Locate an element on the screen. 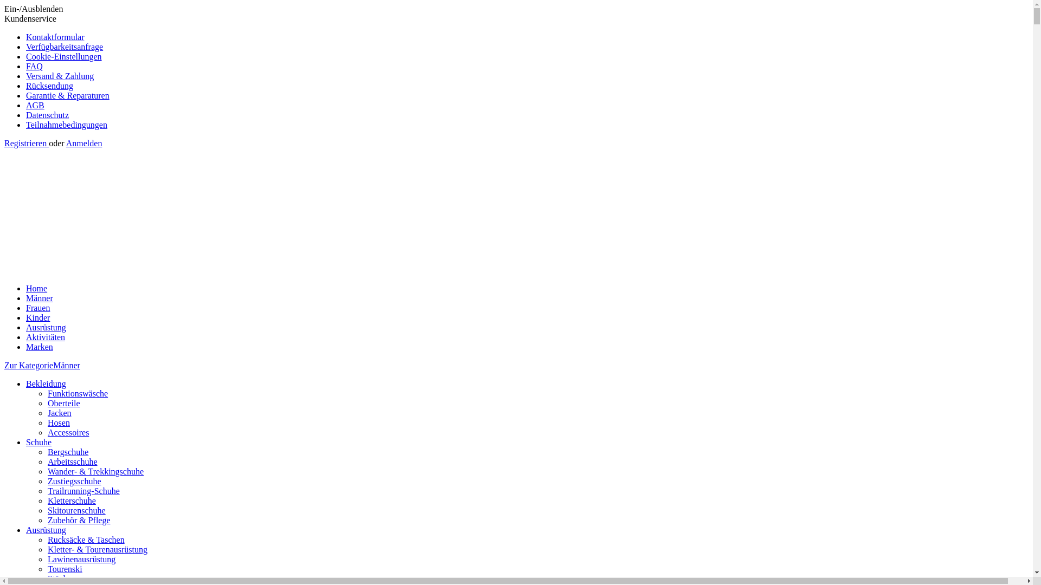 This screenshot has width=1041, height=585. 'Datenschutz' is located at coordinates (47, 115).